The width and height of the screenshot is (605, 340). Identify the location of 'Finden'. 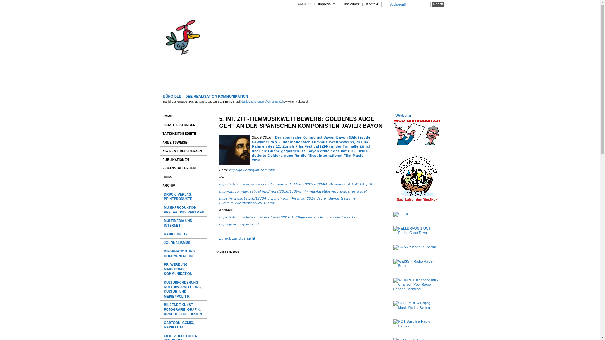
(437, 4).